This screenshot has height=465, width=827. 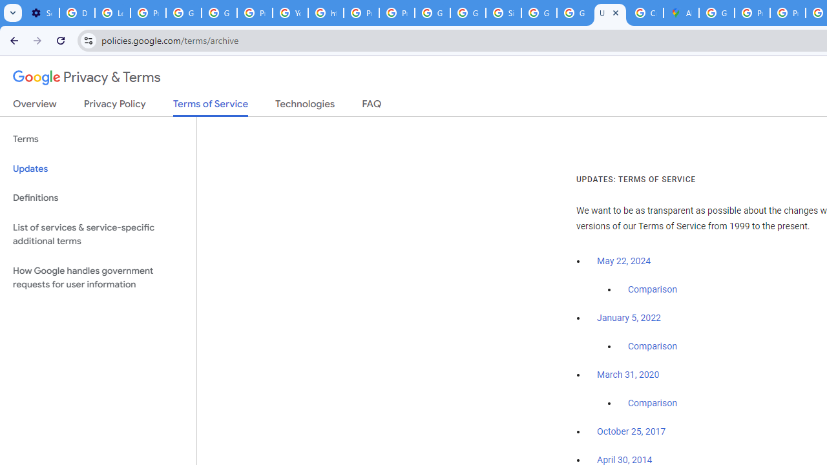 I want to click on 'YouTube', so click(x=289, y=13).